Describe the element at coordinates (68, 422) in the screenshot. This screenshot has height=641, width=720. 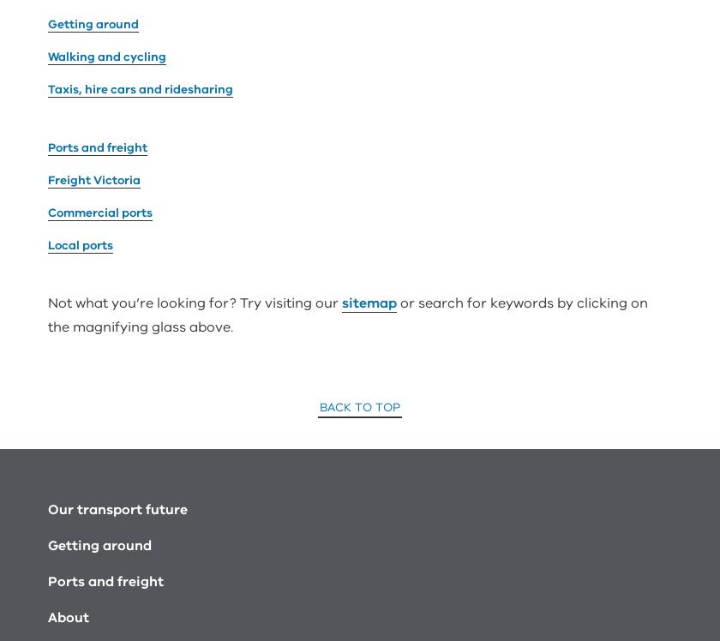
I see `'About'` at that location.